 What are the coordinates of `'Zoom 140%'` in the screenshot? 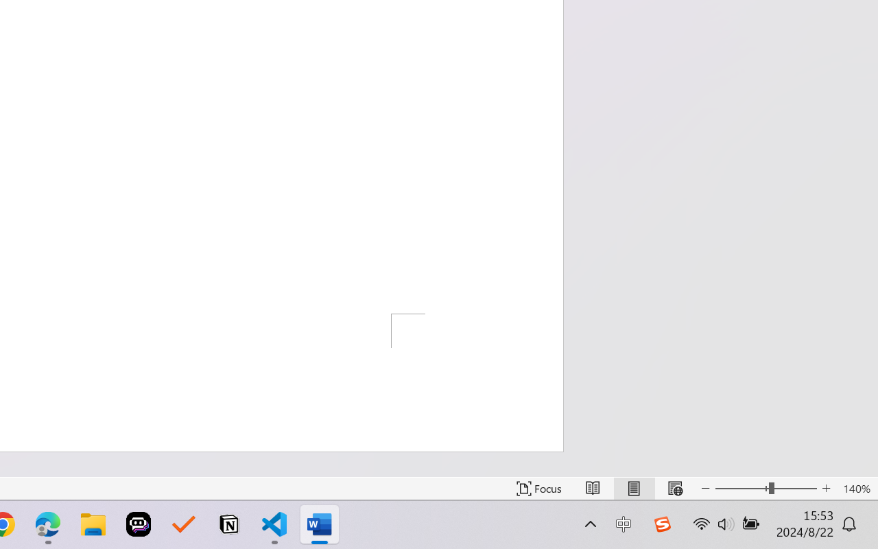 It's located at (856, 488).